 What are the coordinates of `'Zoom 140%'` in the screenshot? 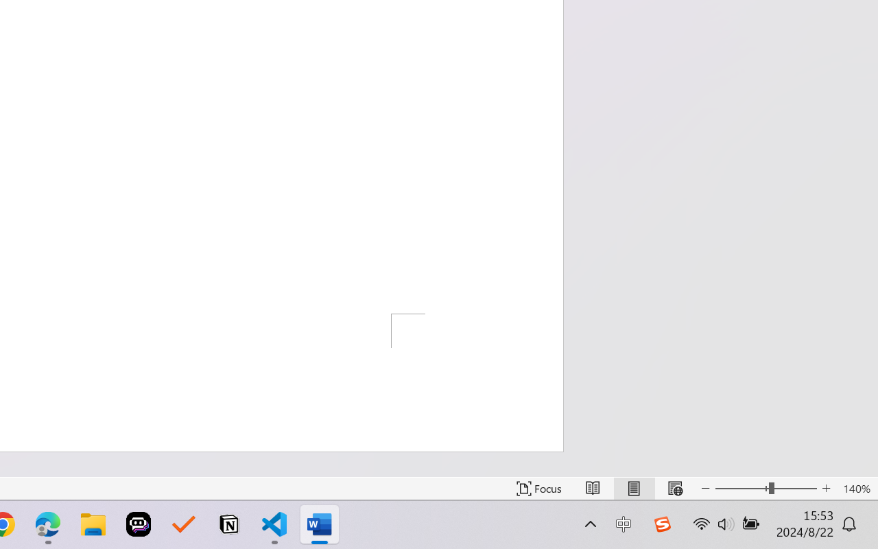 It's located at (856, 488).